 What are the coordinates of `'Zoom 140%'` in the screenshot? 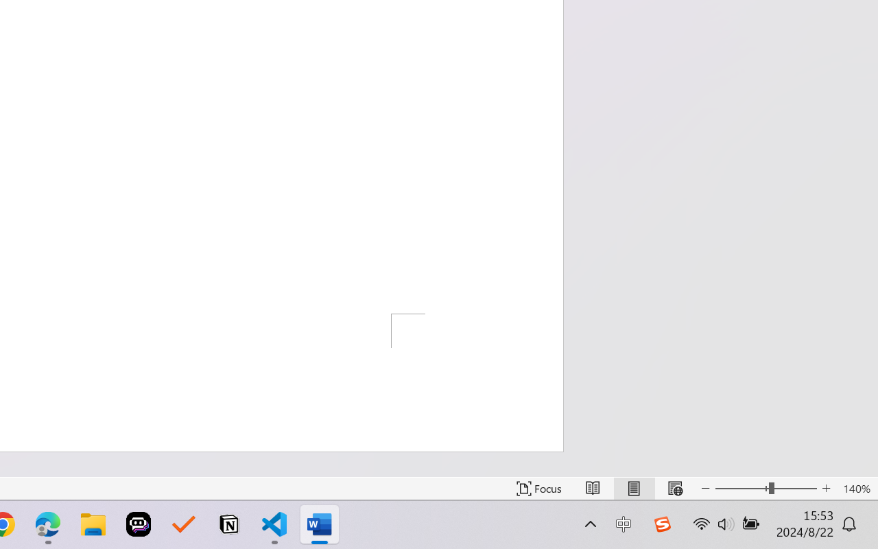 It's located at (856, 488).